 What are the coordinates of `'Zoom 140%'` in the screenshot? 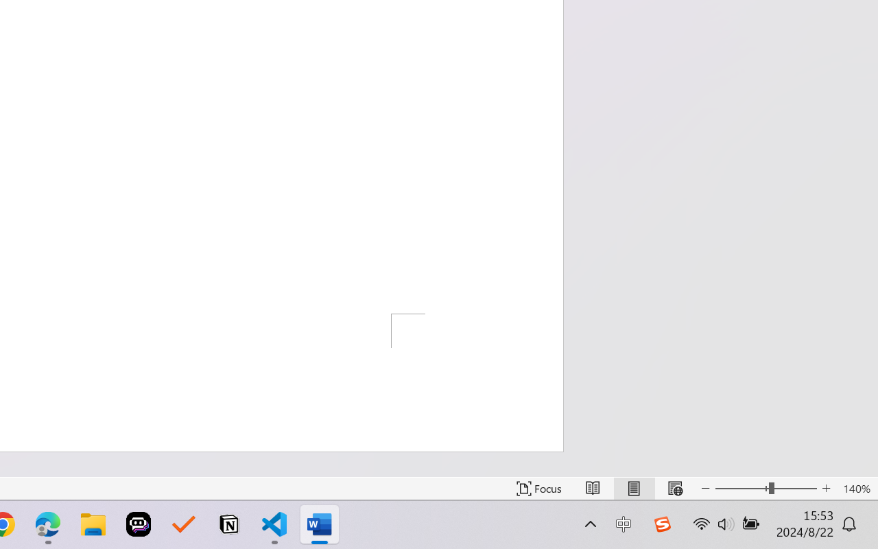 It's located at (856, 488).